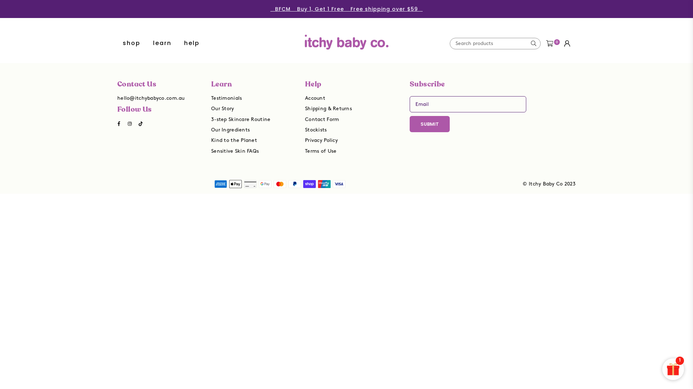  What do you see at coordinates (211, 108) in the screenshot?
I see `'Our Story'` at bounding box center [211, 108].